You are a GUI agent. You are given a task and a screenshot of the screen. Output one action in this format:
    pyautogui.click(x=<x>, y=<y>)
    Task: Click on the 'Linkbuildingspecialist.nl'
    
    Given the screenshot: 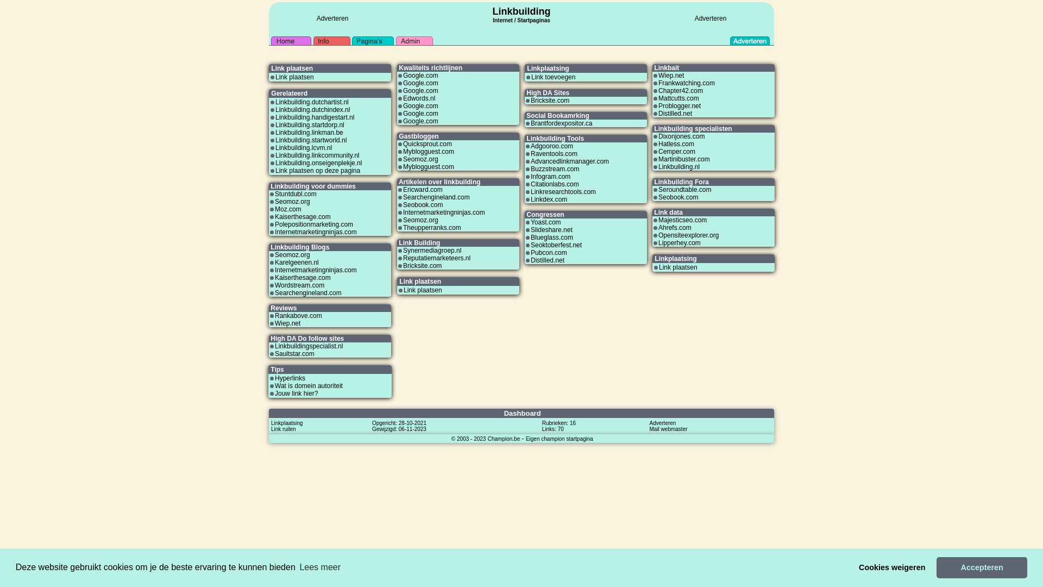 What is the action you would take?
    pyautogui.click(x=308, y=346)
    